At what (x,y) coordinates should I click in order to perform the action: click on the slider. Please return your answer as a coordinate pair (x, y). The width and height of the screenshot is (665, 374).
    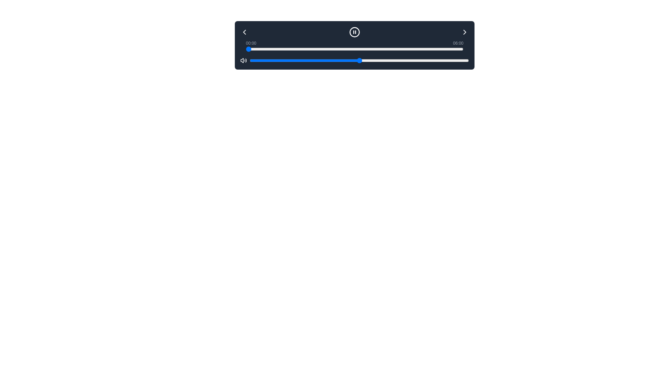
    Looking at the image, I should click on (359, 60).